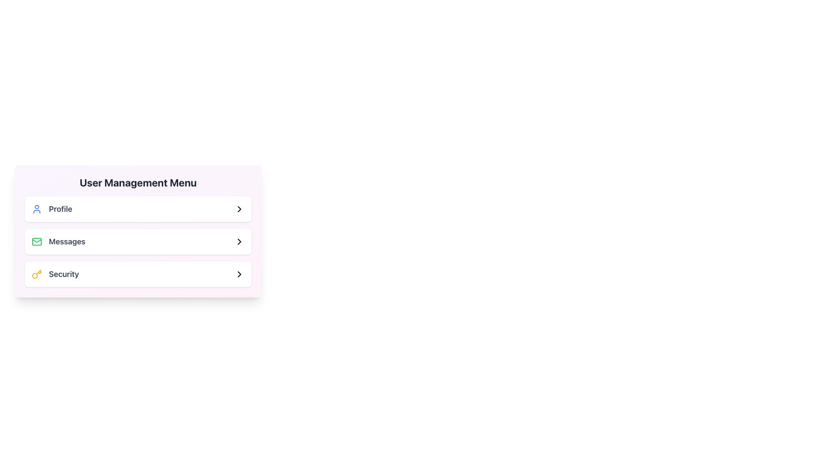  Describe the element at coordinates (67, 241) in the screenshot. I see `text label 'Messages' which identifies the Messages section in the User Management Menu, positioned between 'Profile' and 'Security' menu items` at that location.